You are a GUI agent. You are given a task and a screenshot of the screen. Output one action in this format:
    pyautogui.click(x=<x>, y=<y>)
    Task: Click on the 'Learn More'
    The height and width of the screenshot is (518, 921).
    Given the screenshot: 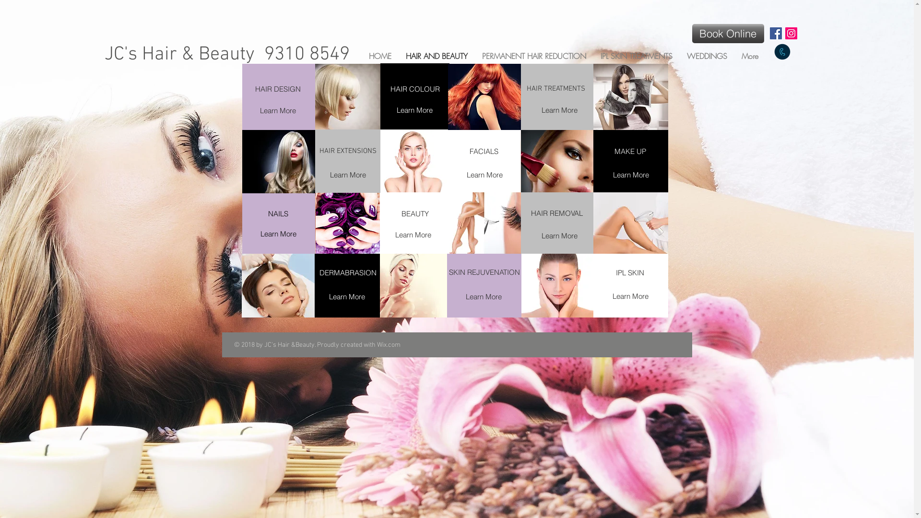 What is the action you would take?
    pyautogui.click(x=250, y=110)
    